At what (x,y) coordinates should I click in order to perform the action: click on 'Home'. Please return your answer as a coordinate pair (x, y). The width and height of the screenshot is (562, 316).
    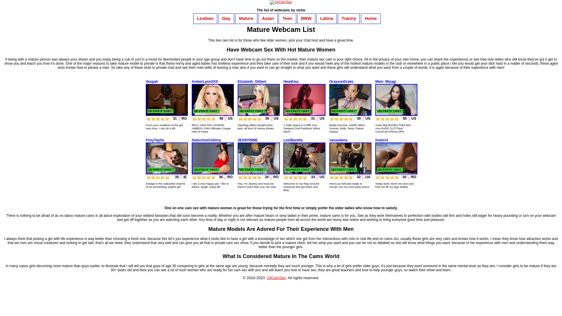
    Looking at the image, I should click on (371, 18).